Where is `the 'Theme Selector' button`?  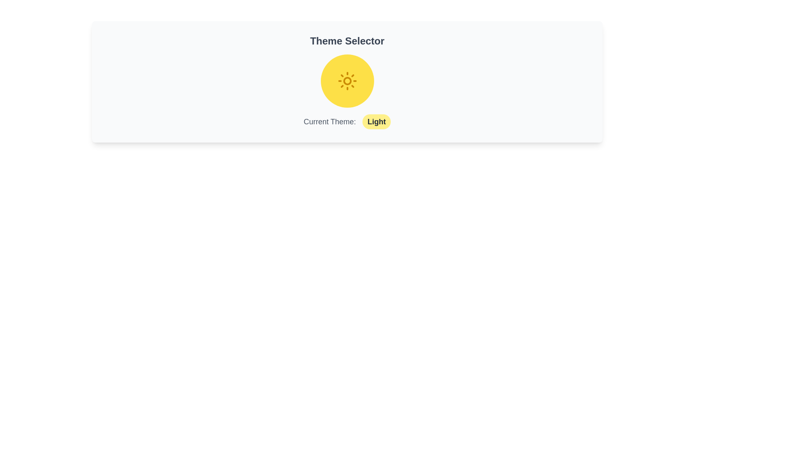
the 'Theme Selector' button is located at coordinates (347, 81).